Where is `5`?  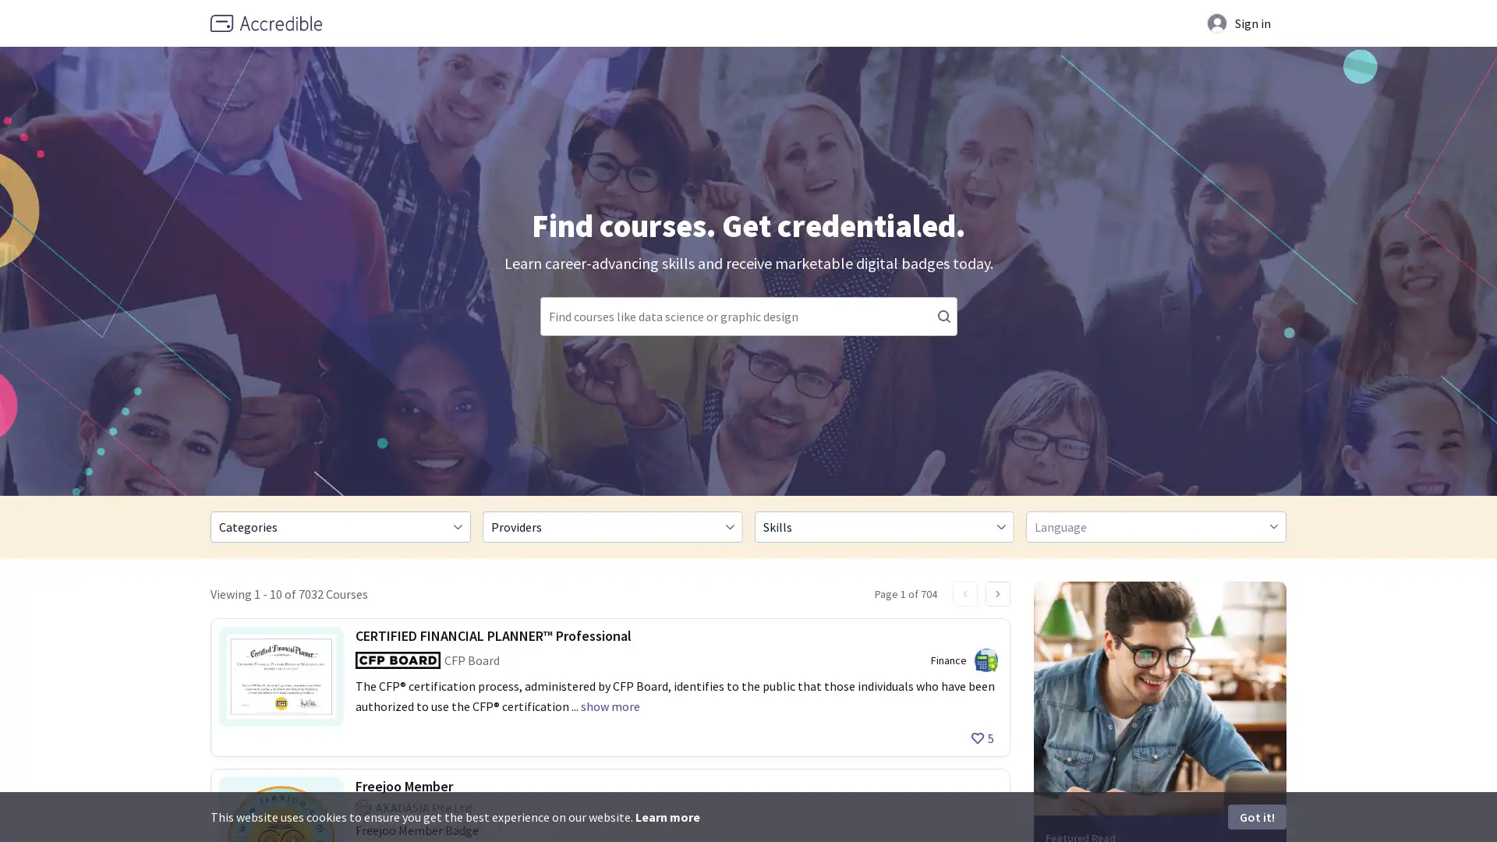 5 is located at coordinates (982, 738).